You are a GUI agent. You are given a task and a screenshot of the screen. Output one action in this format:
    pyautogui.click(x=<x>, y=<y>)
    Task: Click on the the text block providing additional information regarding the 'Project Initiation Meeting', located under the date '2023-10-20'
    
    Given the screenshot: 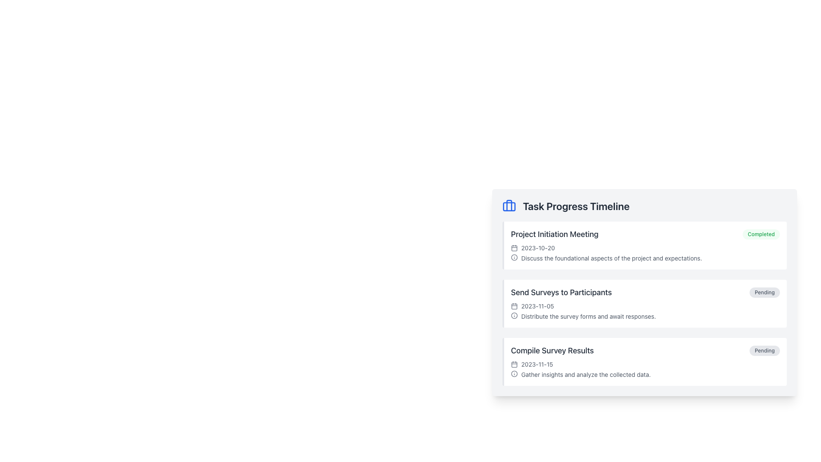 What is the action you would take?
    pyautogui.click(x=645, y=258)
    